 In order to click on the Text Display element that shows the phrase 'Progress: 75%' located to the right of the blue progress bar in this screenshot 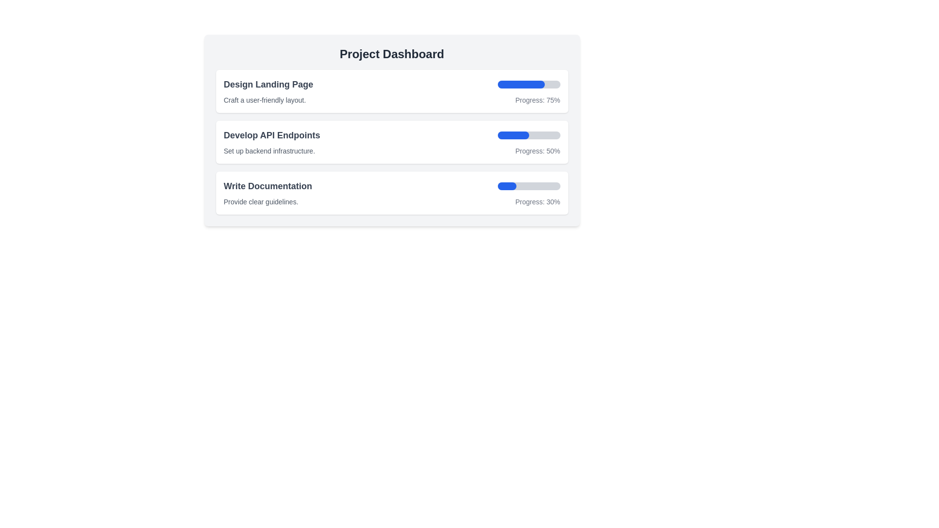, I will do `click(537, 100)`.